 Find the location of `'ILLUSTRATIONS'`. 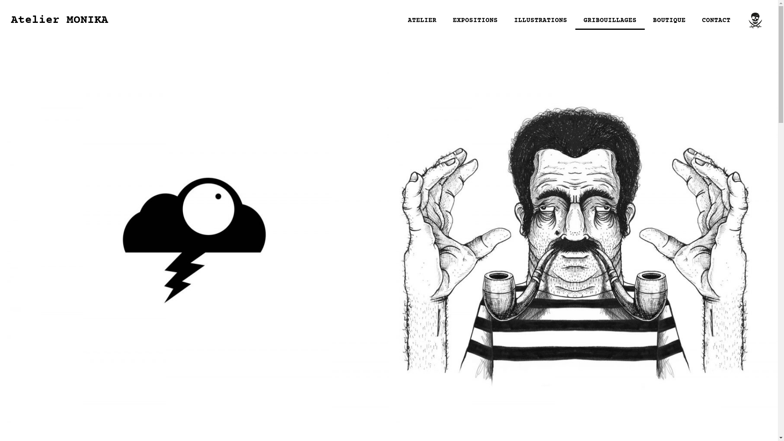

'ILLUSTRATIONS' is located at coordinates (541, 20).